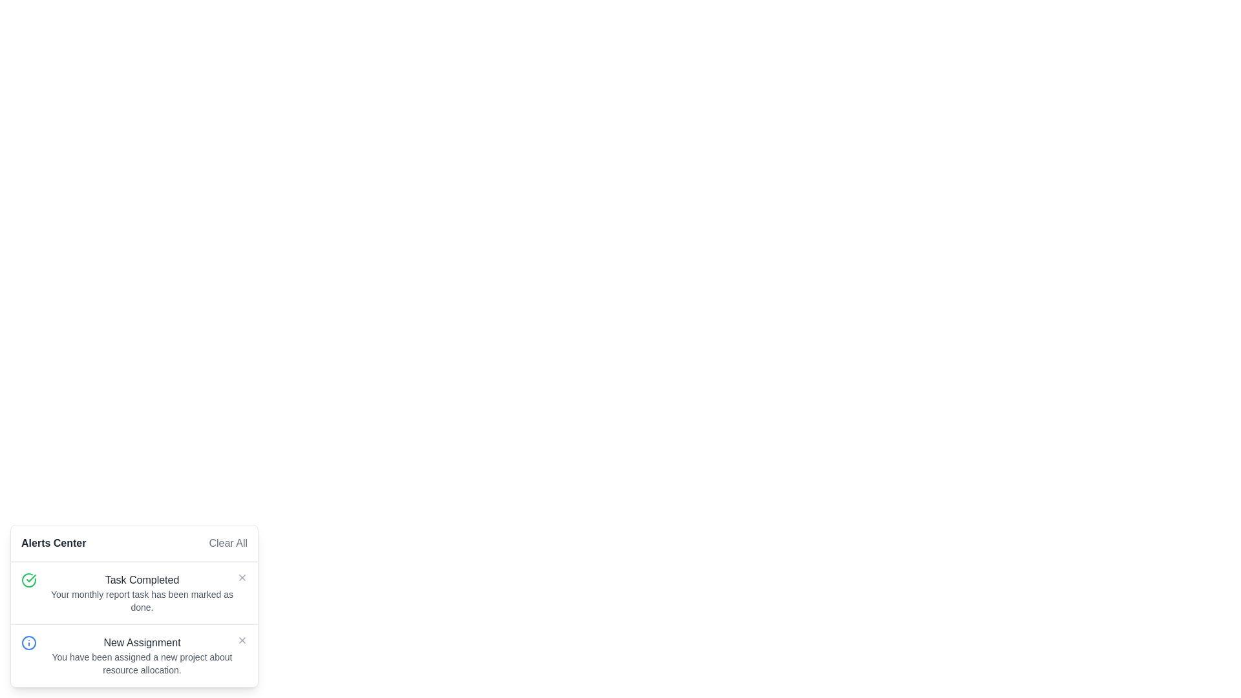  Describe the element at coordinates (242, 640) in the screenshot. I see `the cancel button located at the far-right side of the 'New Assignment' notification` at that location.